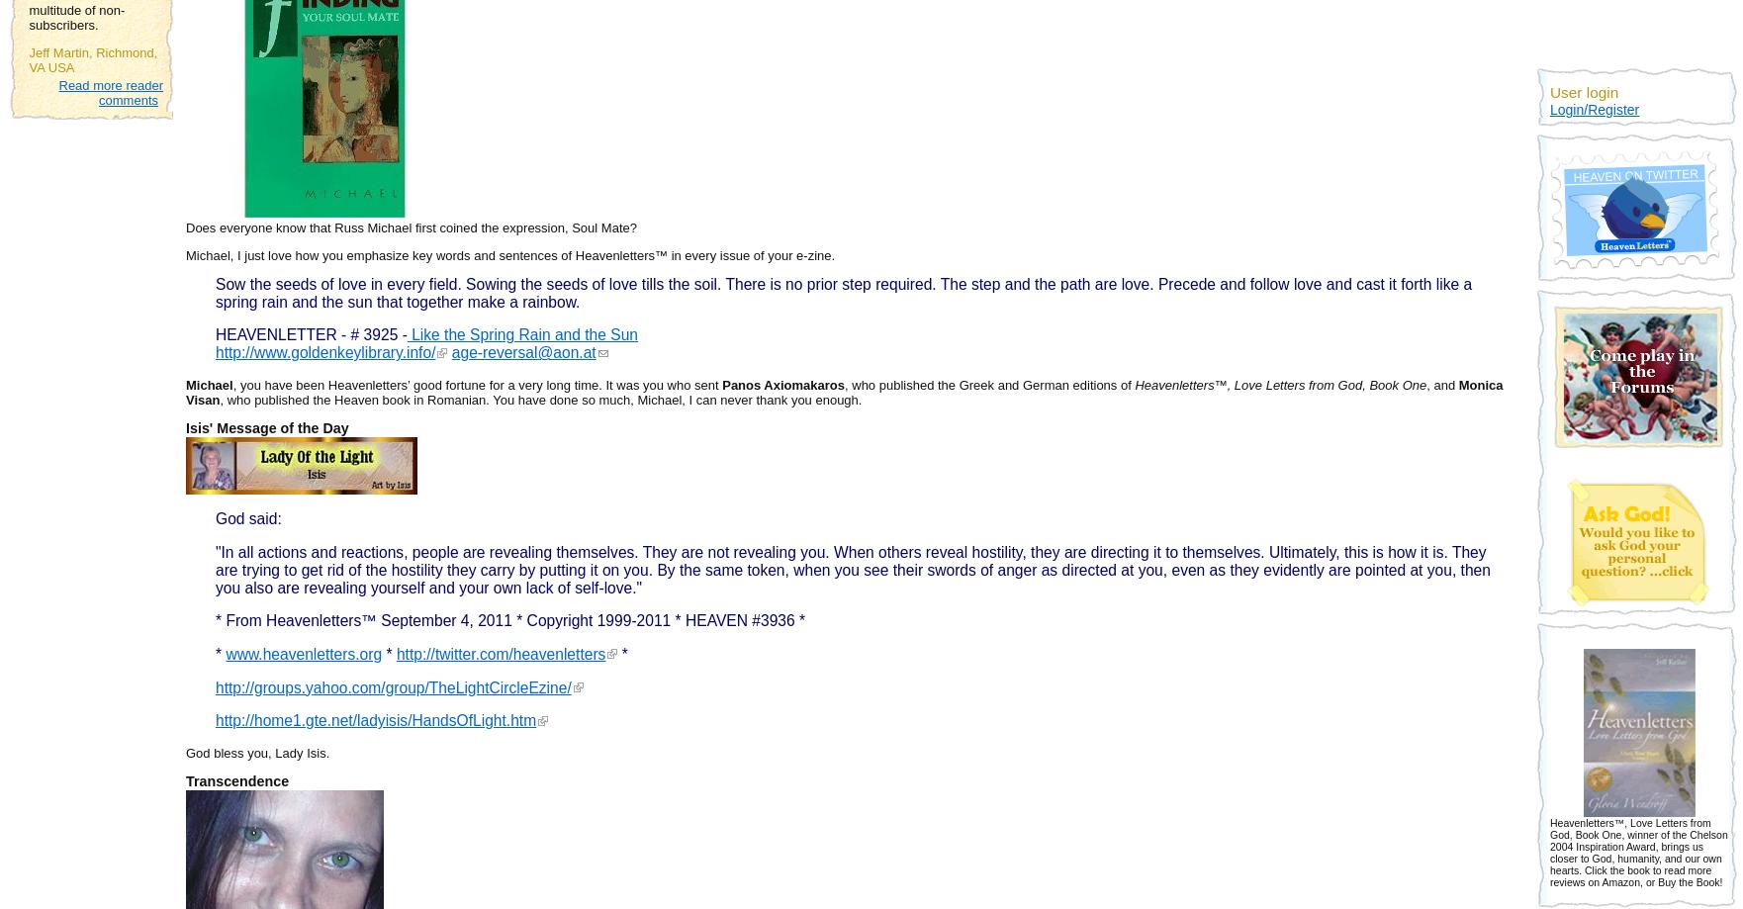 The height and width of the screenshot is (909, 1743). What do you see at coordinates (1441, 384) in the screenshot?
I see `', and'` at bounding box center [1441, 384].